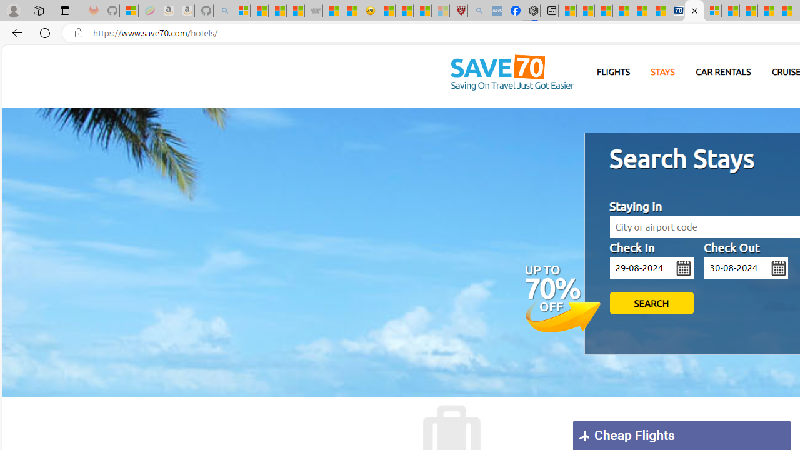  What do you see at coordinates (441, 11) in the screenshot?
I see `'12 Popular Science Lies that Must be Corrected - Sleeping'` at bounding box center [441, 11].